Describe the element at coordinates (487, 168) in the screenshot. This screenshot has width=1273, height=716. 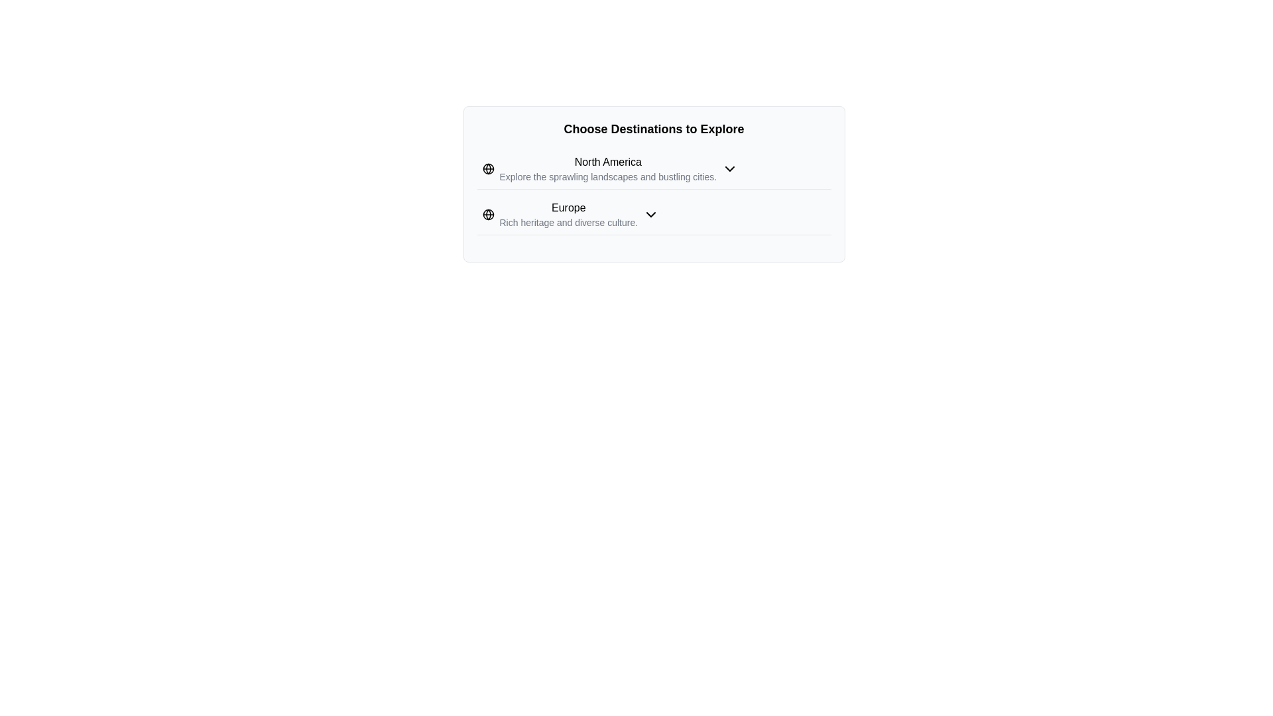
I see `the outer circular border of the globe icon, which is black in color and located to the left of the 'Europe' label in the second row of a list within a card layout` at that location.